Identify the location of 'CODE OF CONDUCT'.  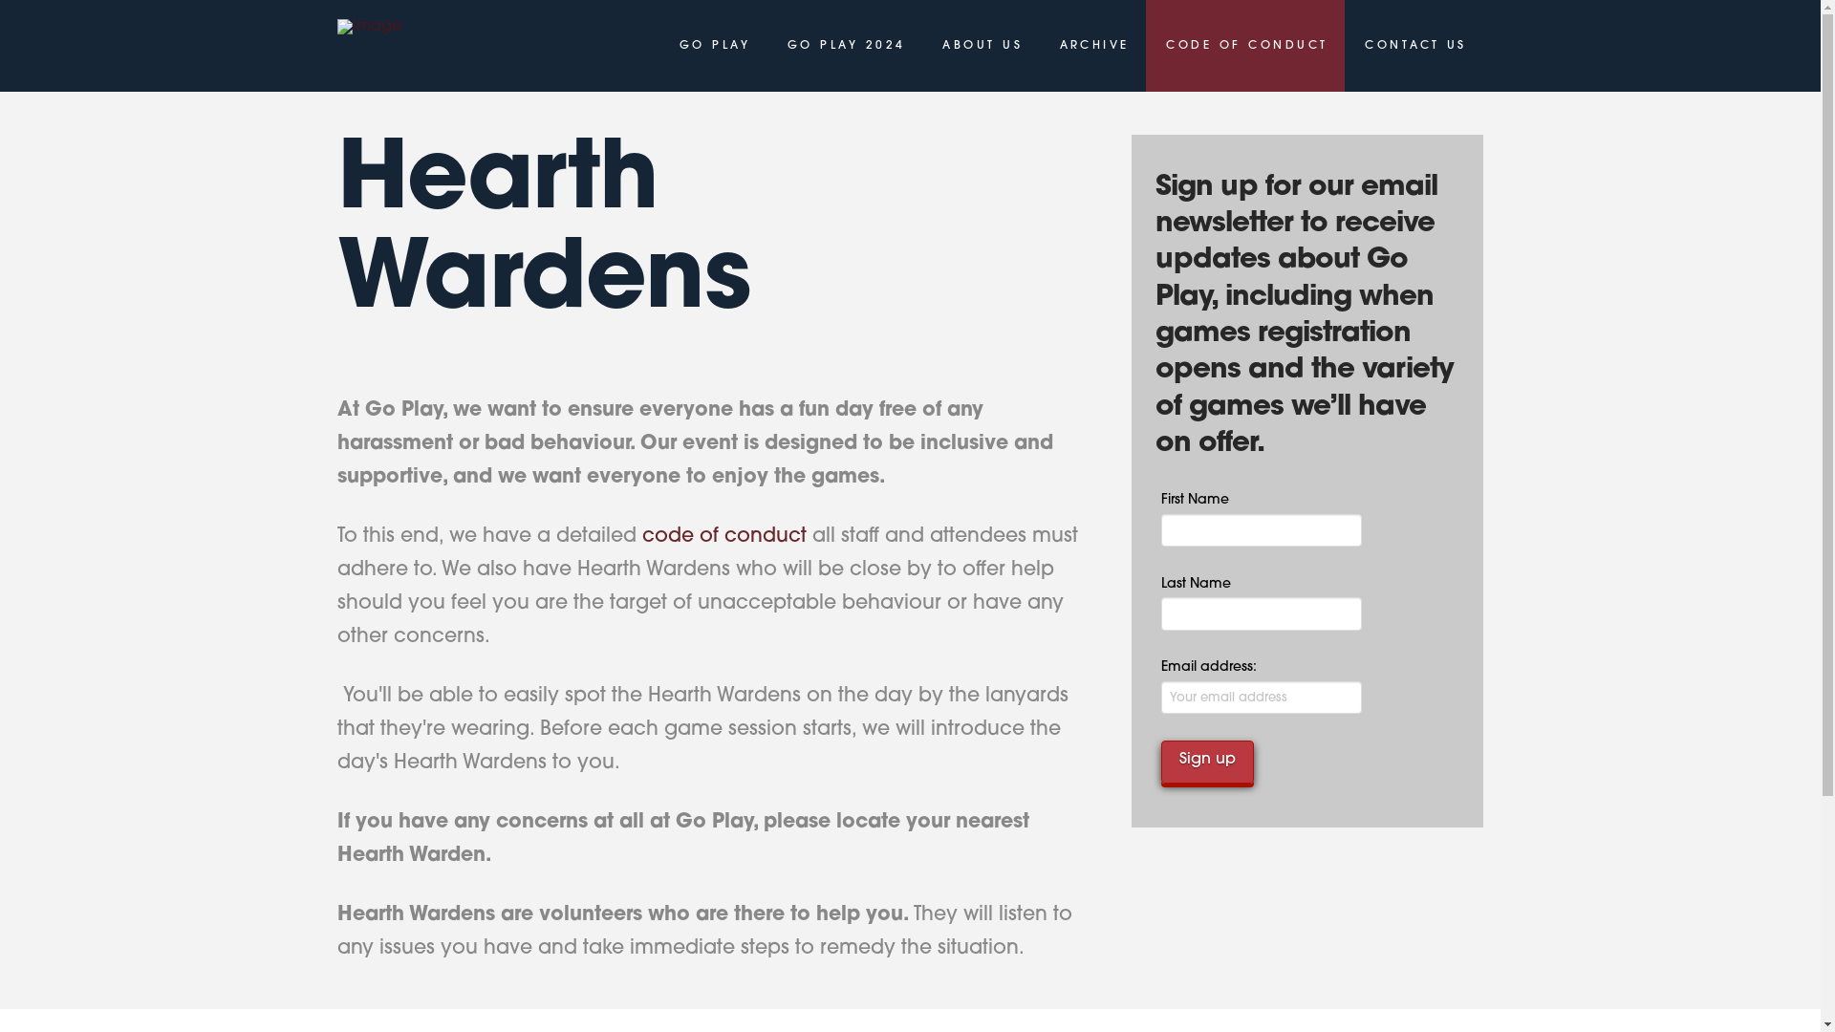
(1244, 44).